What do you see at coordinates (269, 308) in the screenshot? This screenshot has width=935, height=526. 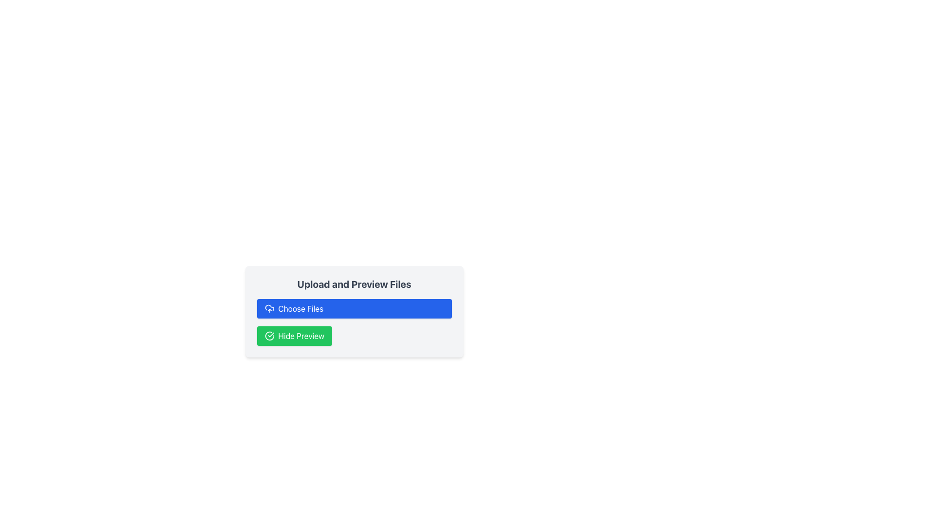 I see `the non-interactive cloud graphic component within the SVG that visually represents the main body of the cloud in the cloud upload icon` at bounding box center [269, 308].